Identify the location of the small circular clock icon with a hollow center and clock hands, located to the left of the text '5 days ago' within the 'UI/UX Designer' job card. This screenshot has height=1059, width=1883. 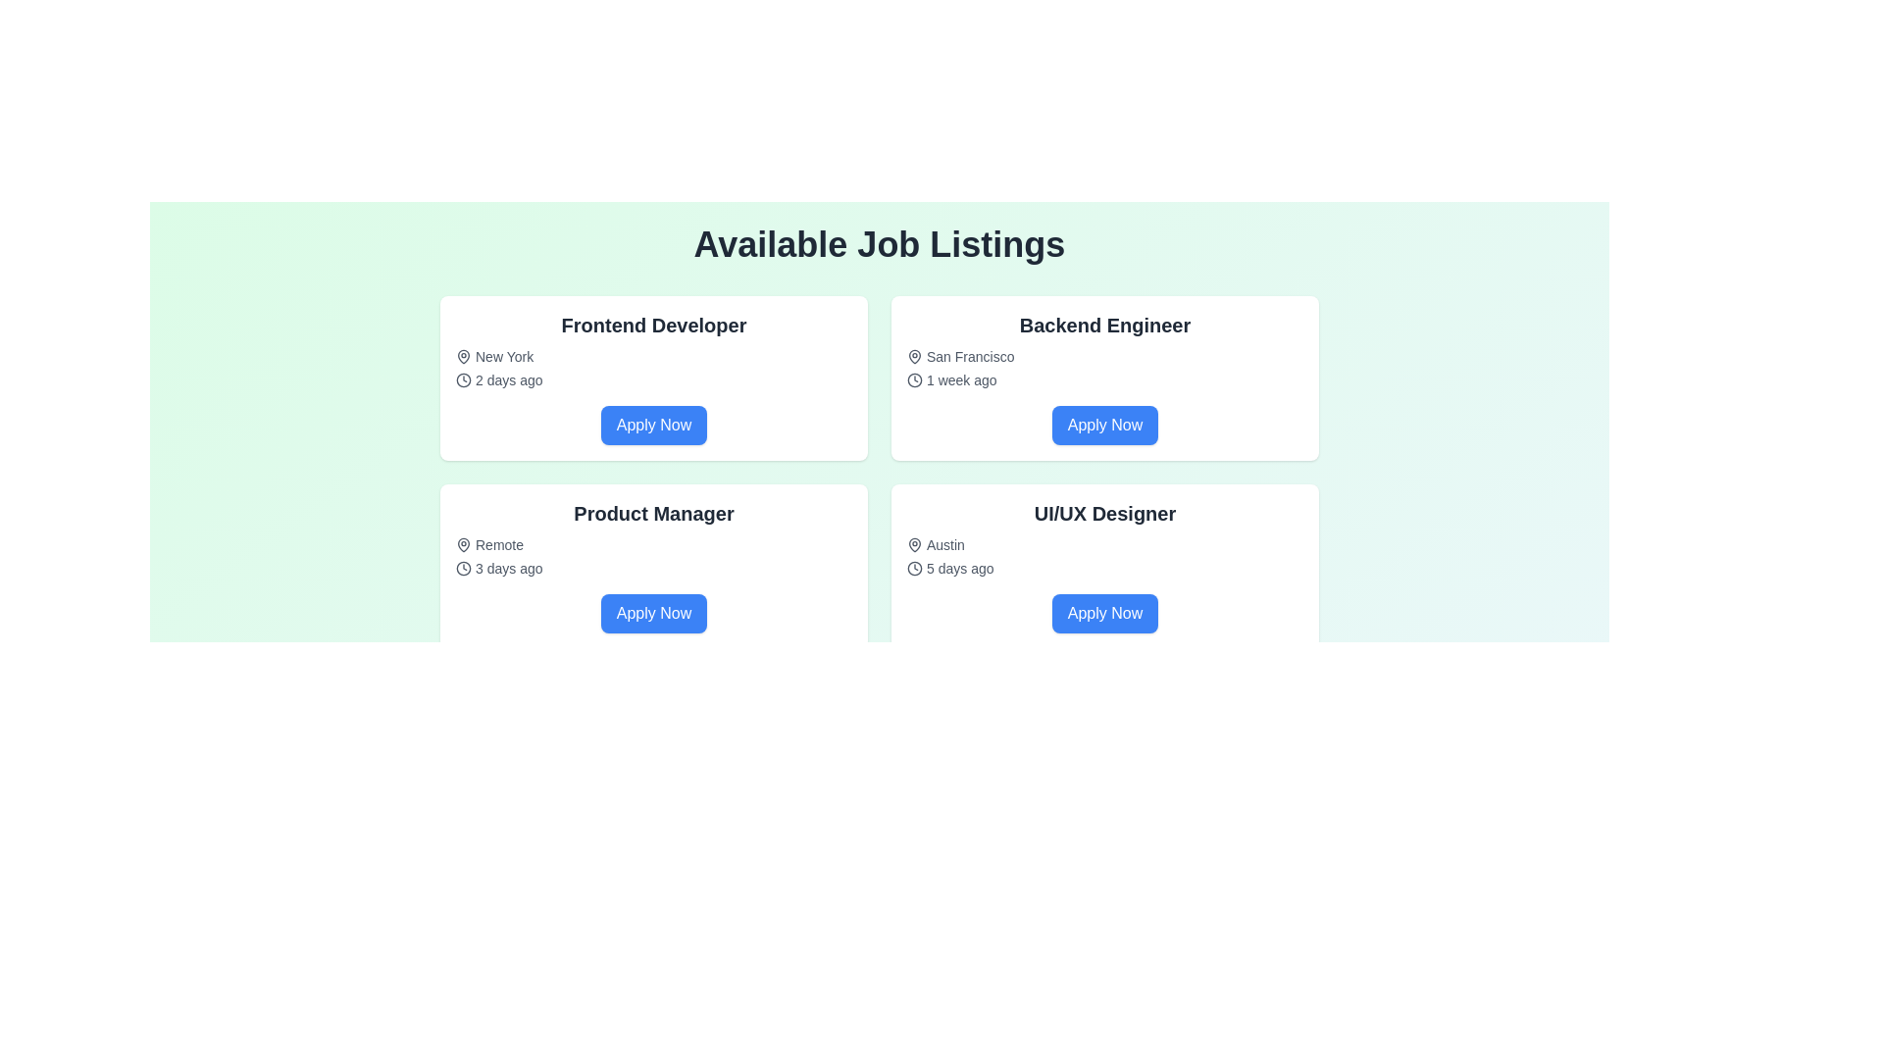
(913, 568).